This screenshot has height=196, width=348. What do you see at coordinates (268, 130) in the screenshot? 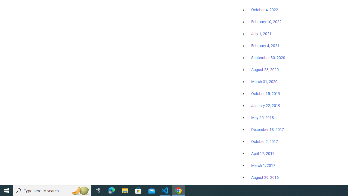
I see `'December 18, 2017'` at bounding box center [268, 130].